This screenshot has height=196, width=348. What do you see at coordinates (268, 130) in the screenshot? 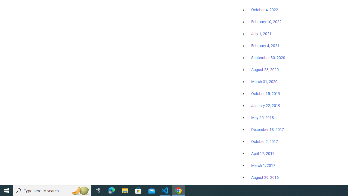
I see `'December 18, 2017'` at bounding box center [268, 130].